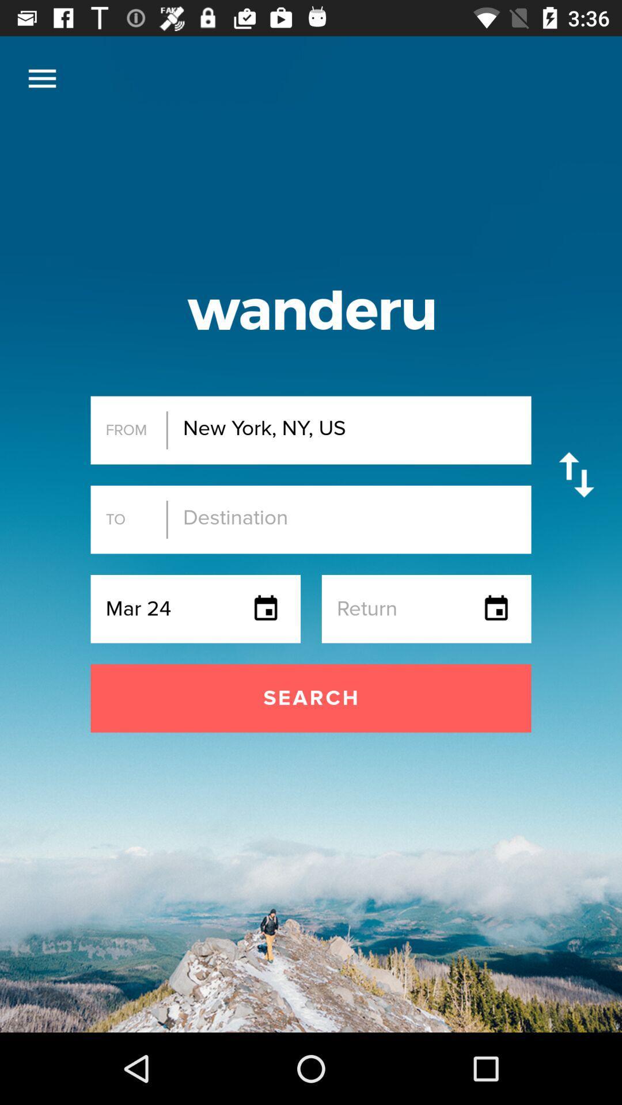 This screenshot has width=622, height=1105. What do you see at coordinates (577, 475) in the screenshot?
I see `the icon next to new york ny icon` at bounding box center [577, 475].